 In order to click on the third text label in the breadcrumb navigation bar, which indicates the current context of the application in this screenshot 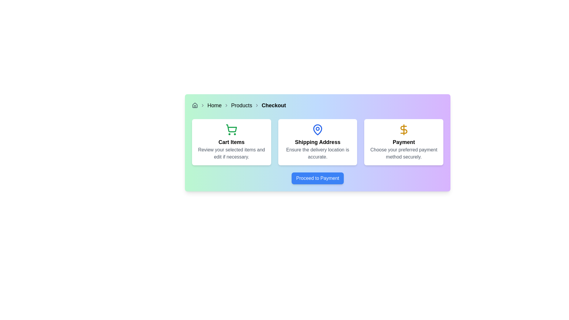, I will do `click(274, 105)`.